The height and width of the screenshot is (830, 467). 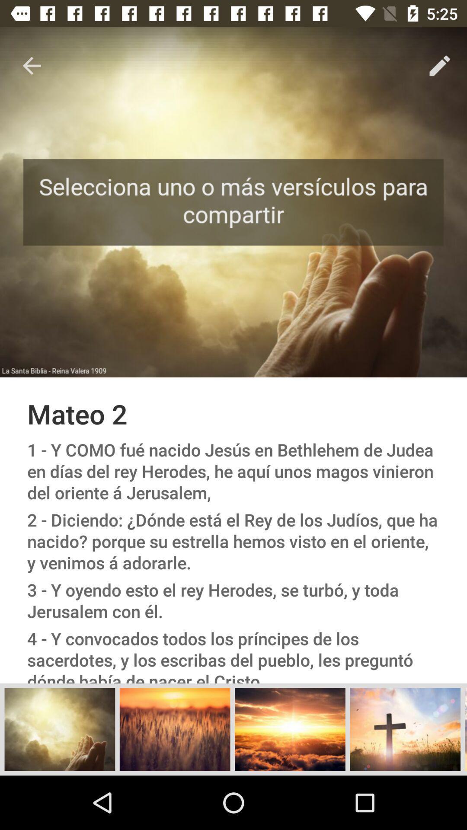 I want to click on the mateo 2 item, so click(x=233, y=413).